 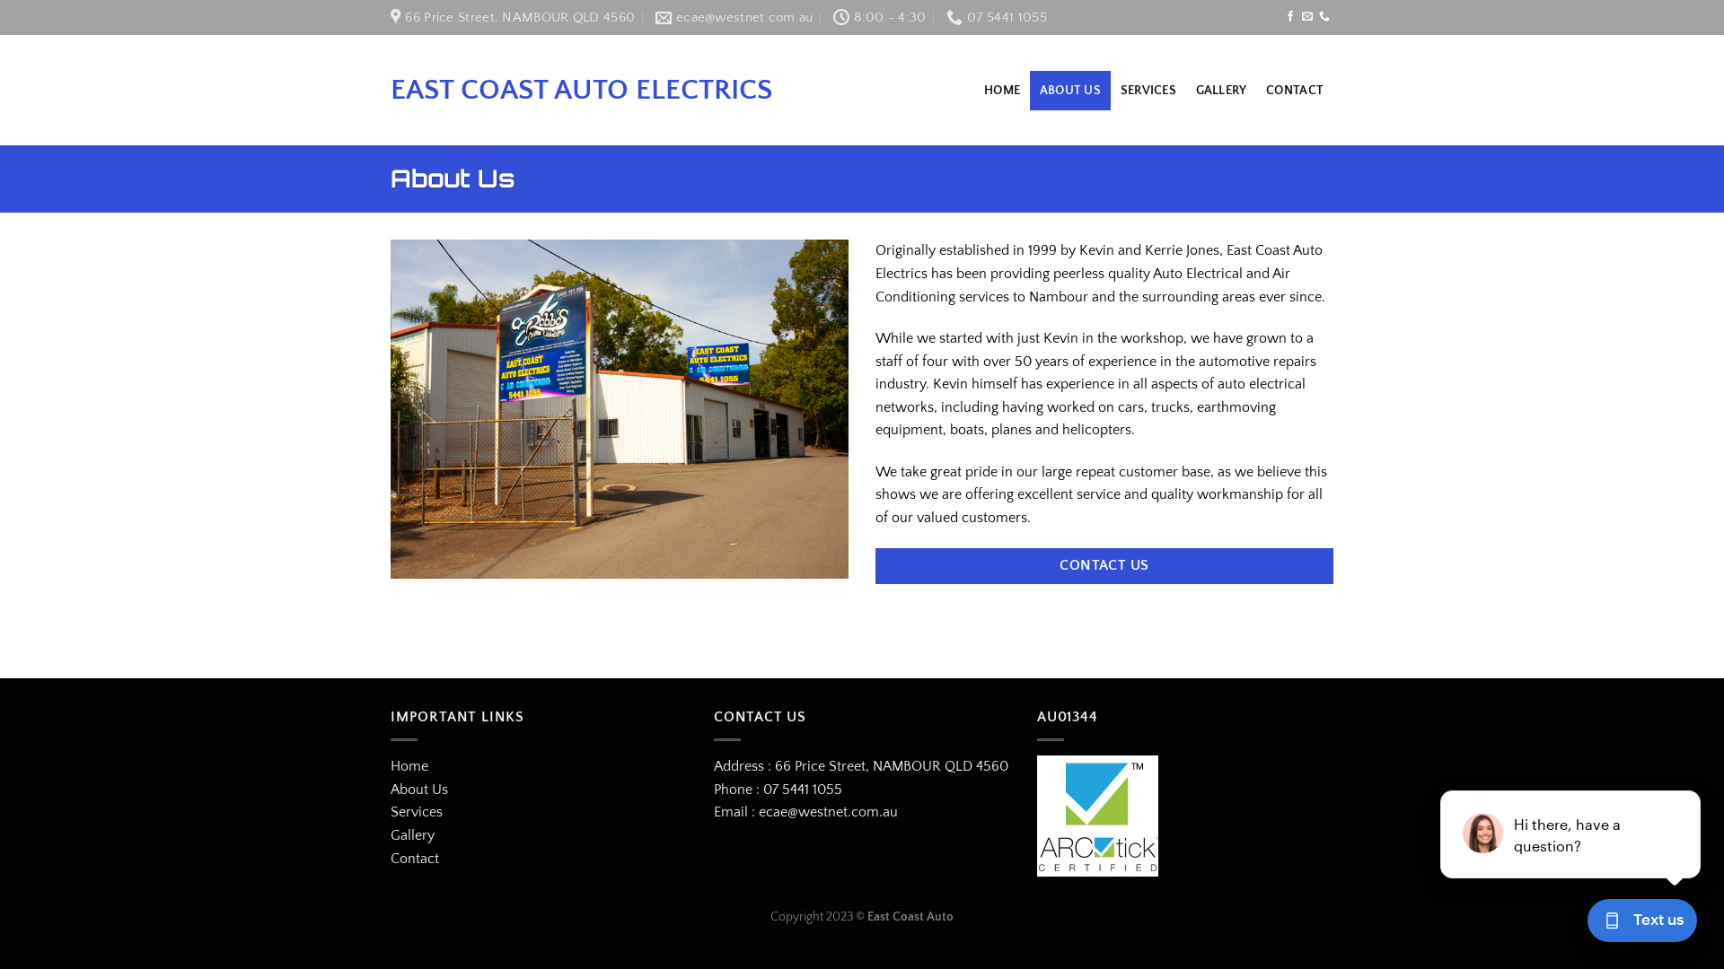 I want to click on 'EAST COAST AUTO ELECTRICS', so click(x=604, y=90).